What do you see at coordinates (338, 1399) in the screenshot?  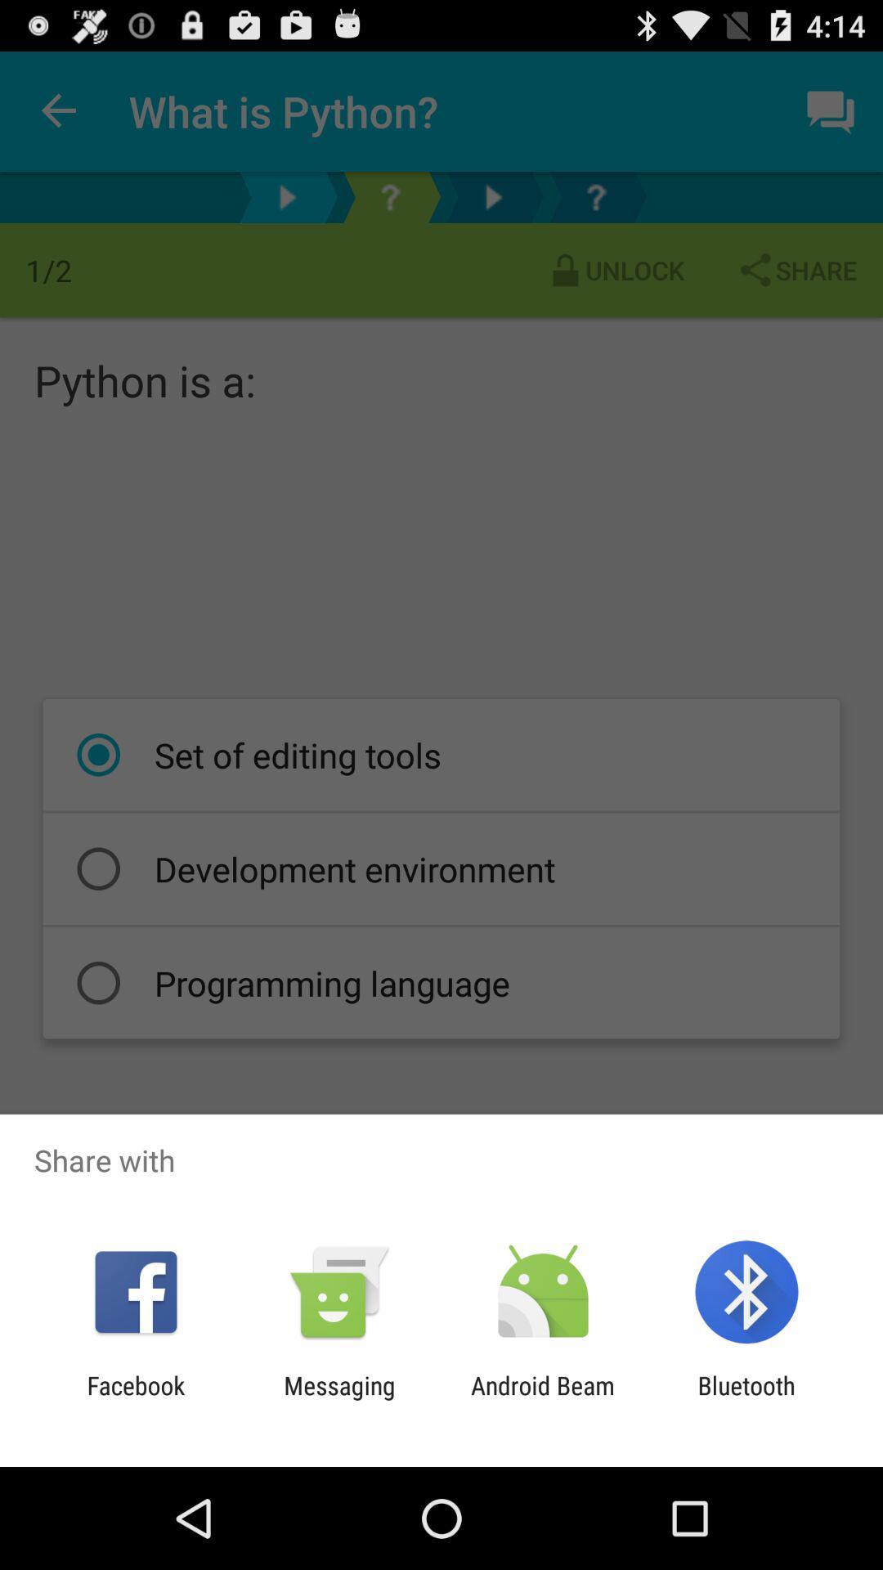 I see `item next to the android beam icon` at bounding box center [338, 1399].